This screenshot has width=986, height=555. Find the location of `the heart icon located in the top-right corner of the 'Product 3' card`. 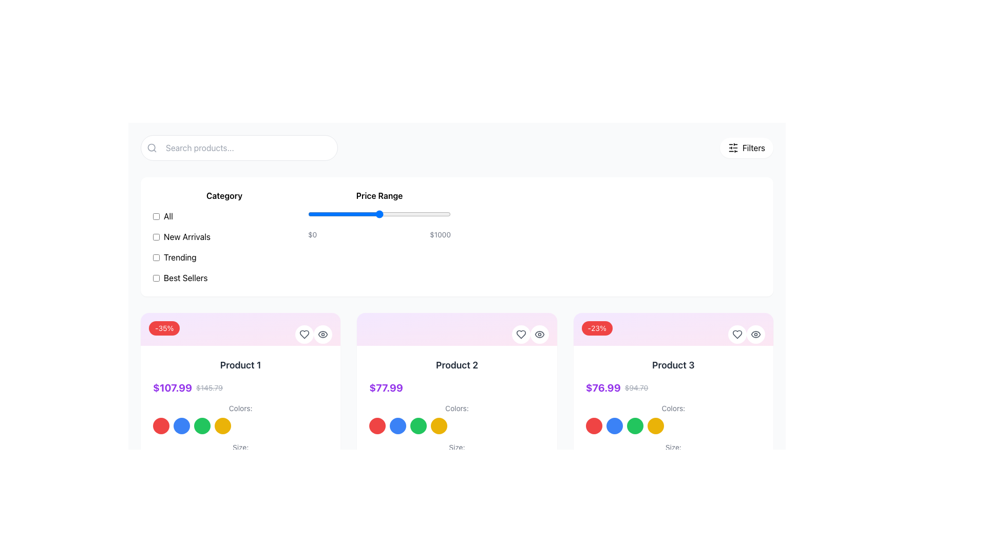

the heart icon located in the top-right corner of the 'Product 3' card is located at coordinates (736, 335).